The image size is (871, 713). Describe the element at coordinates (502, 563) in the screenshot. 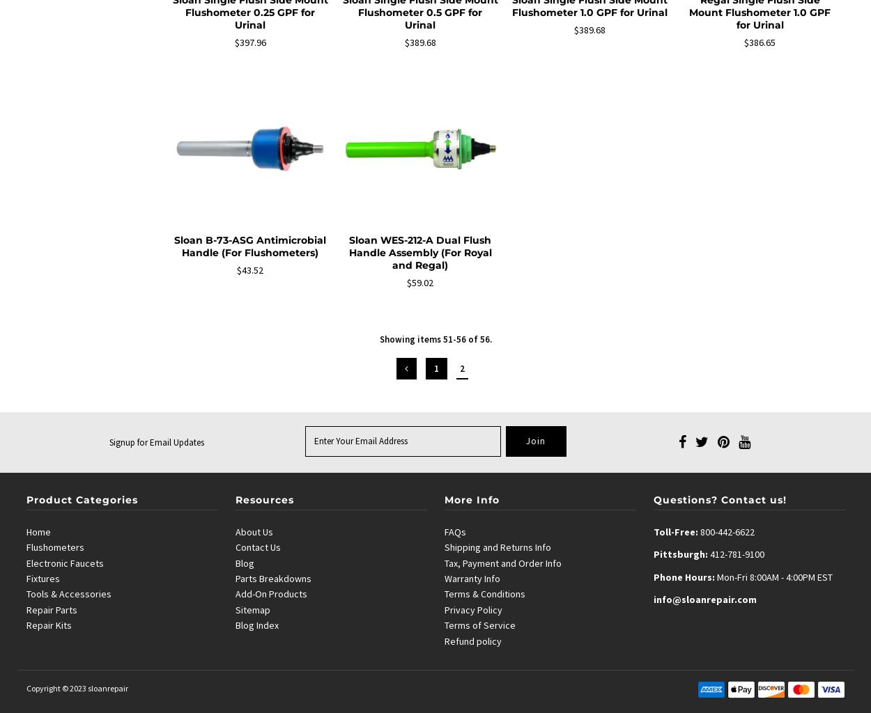

I see `'Tax, Payment and Order Info'` at that location.